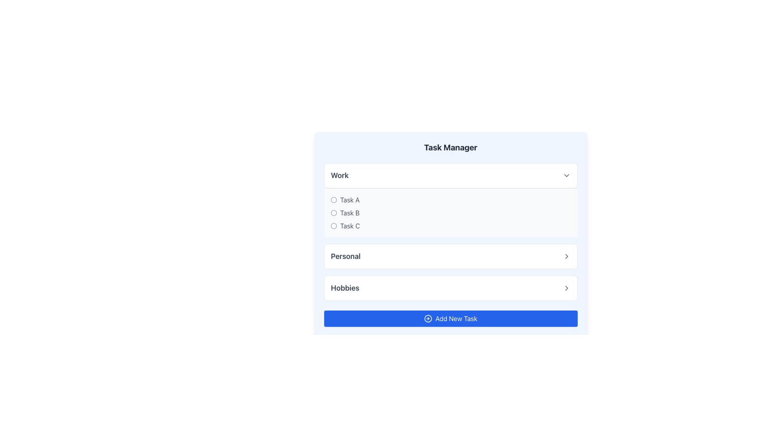 This screenshot has width=780, height=439. I want to click on the circular icon representing the addition action inside the 'Add New Task' button by moving the cursor to its center, so click(427, 318).